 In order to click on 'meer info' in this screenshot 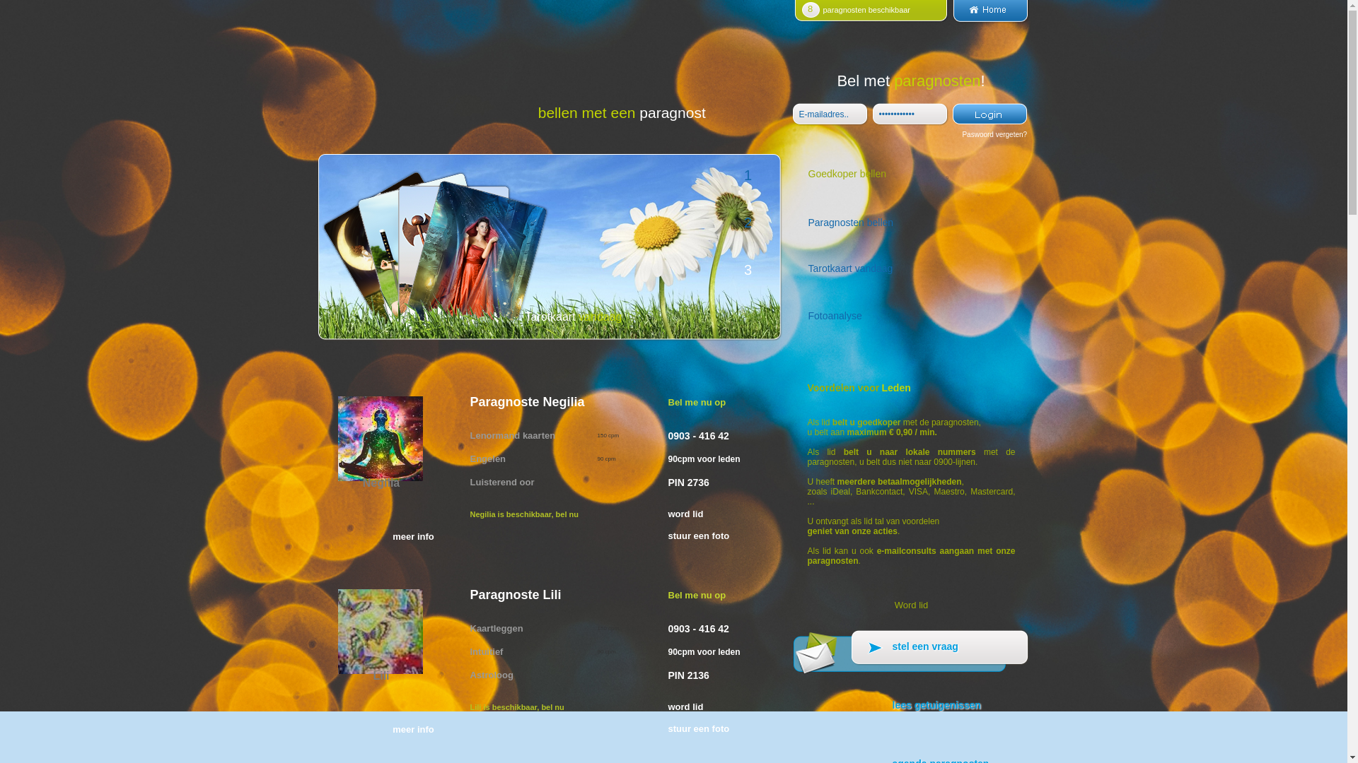, I will do `click(412, 729)`.